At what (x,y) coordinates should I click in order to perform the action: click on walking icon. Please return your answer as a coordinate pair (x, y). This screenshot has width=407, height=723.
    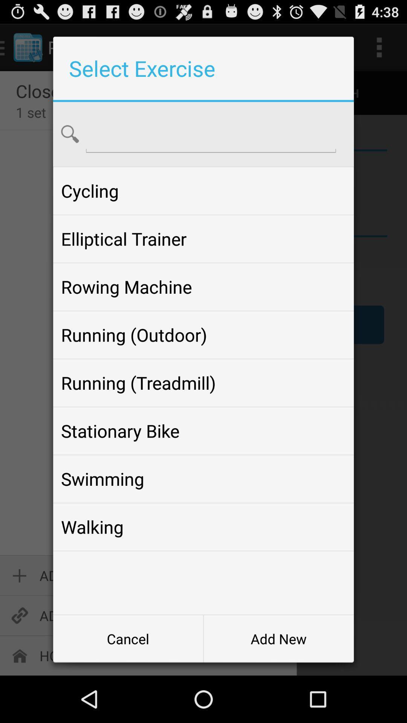
    Looking at the image, I should click on (203, 526).